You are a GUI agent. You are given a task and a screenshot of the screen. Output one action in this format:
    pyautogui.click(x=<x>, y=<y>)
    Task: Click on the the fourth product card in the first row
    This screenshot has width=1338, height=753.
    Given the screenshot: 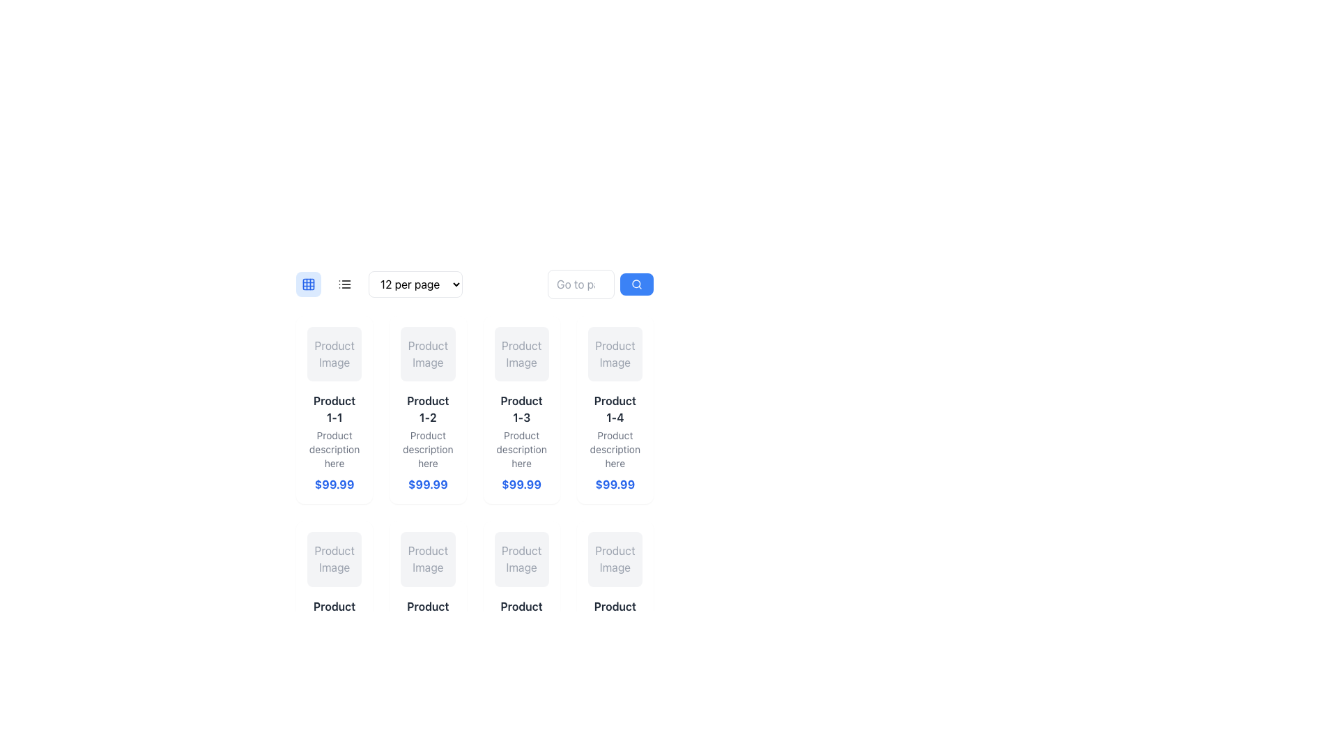 What is the action you would take?
    pyautogui.click(x=614, y=409)
    